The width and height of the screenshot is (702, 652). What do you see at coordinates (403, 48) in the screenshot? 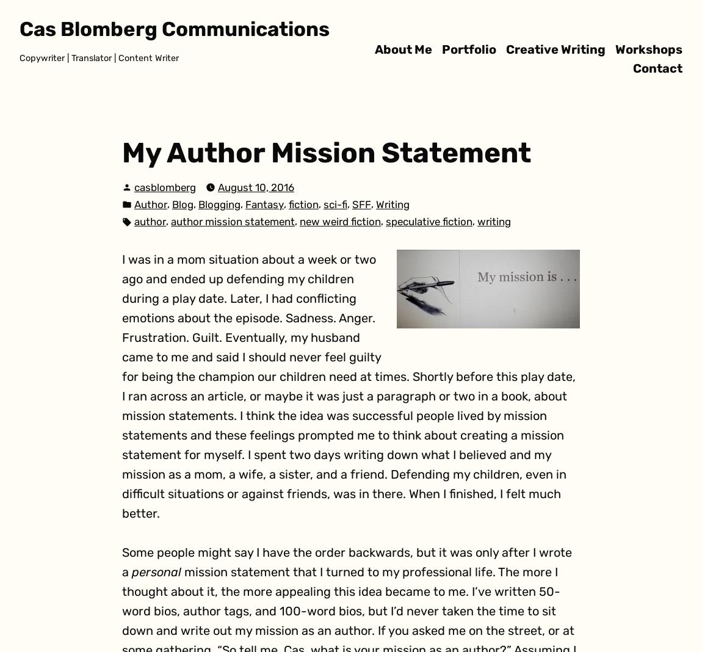
I see `'About Me'` at bounding box center [403, 48].